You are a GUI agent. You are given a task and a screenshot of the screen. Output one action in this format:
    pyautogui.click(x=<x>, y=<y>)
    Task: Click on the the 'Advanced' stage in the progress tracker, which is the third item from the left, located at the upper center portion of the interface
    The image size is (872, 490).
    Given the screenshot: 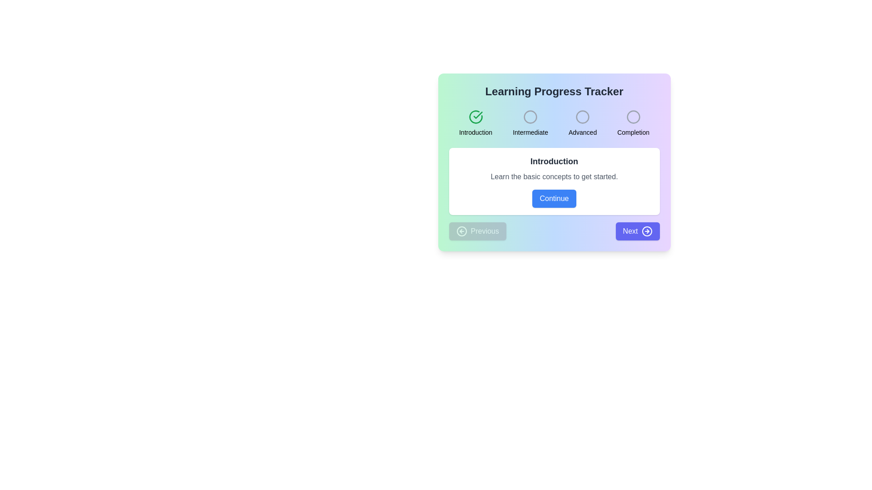 What is the action you would take?
    pyautogui.click(x=583, y=123)
    